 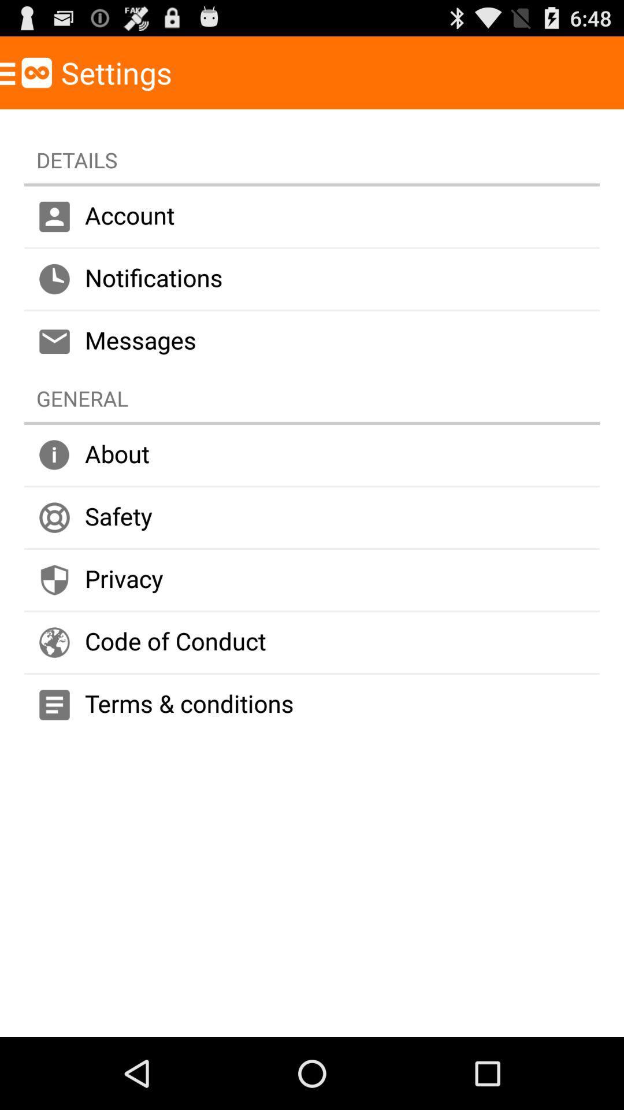 What do you see at coordinates (312, 580) in the screenshot?
I see `privacy icon` at bounding box center [312, 580].